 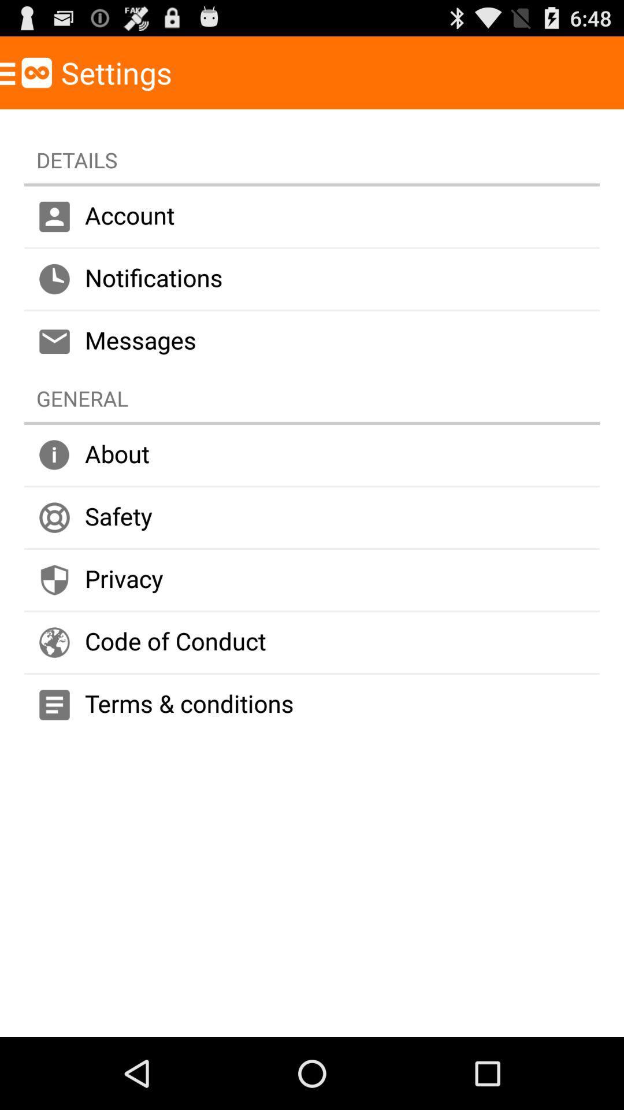 What do you see at coordinates (312, 580) in the screenshot?
I see `privacy icon` at bounding box center [312, 580].